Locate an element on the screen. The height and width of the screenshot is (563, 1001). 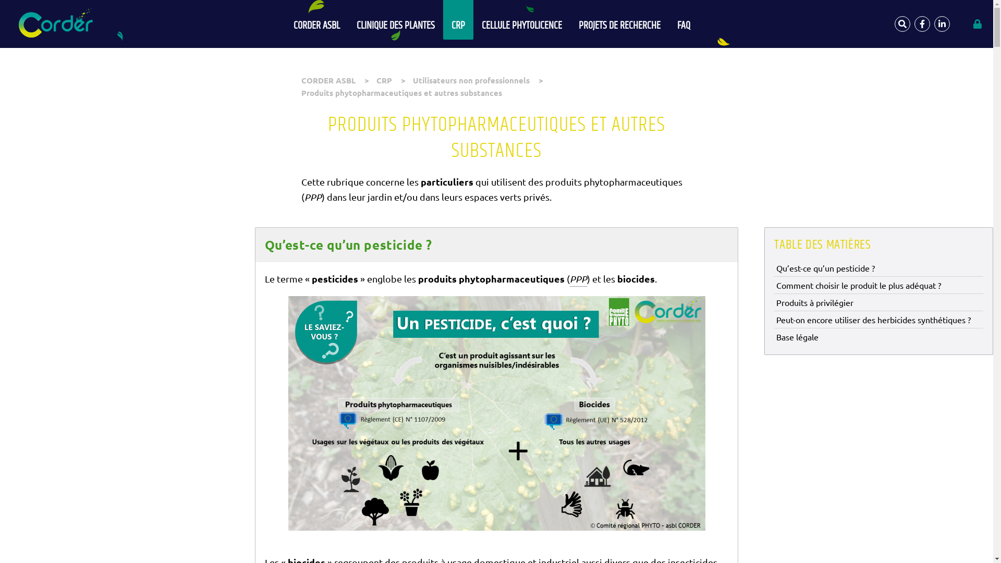
'CELLULE PHYTOLICENCE' is located at coordinates (522, 20).